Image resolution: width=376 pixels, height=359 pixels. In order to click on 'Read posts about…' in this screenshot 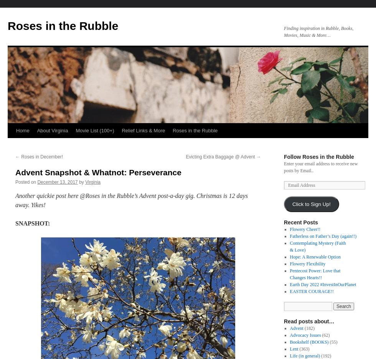, I will do `click(309, 321)`.